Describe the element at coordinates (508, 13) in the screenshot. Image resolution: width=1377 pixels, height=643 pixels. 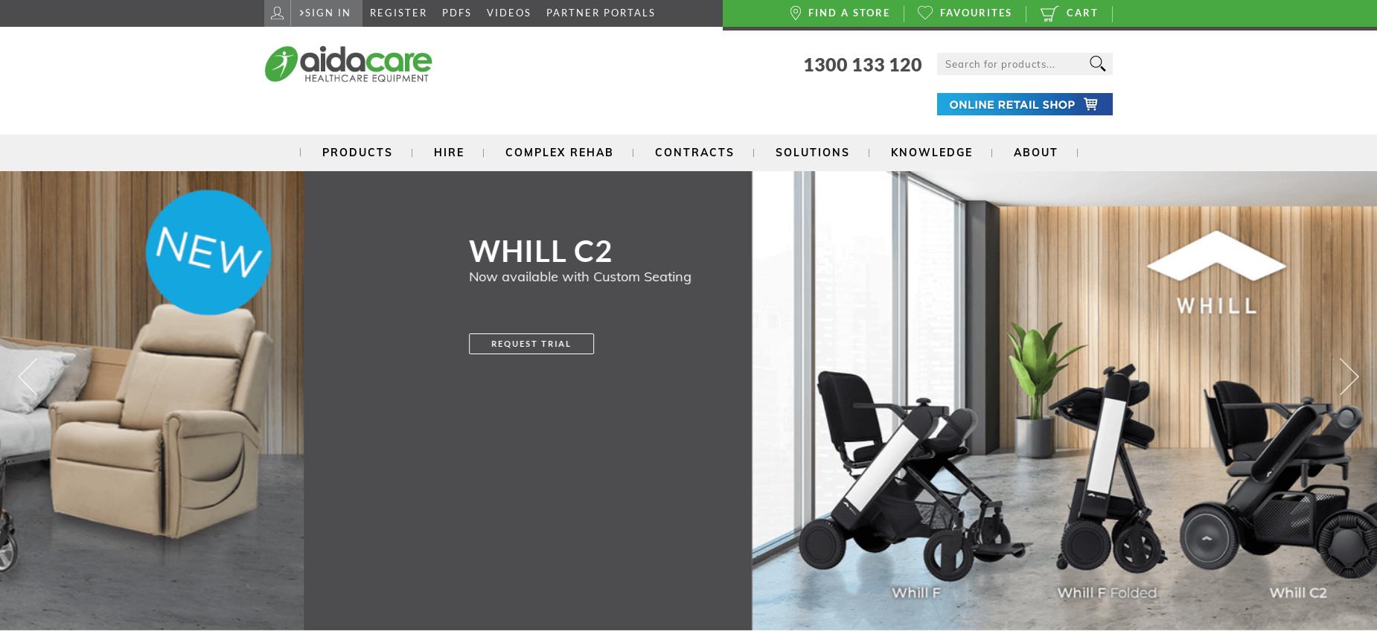
I see `'Videos'` at that location.